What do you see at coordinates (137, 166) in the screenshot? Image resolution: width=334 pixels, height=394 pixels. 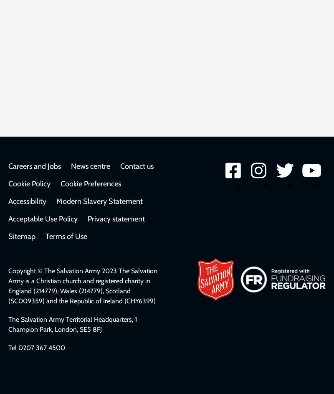 I see `'Contact us'` at bounding box center [137, 166].